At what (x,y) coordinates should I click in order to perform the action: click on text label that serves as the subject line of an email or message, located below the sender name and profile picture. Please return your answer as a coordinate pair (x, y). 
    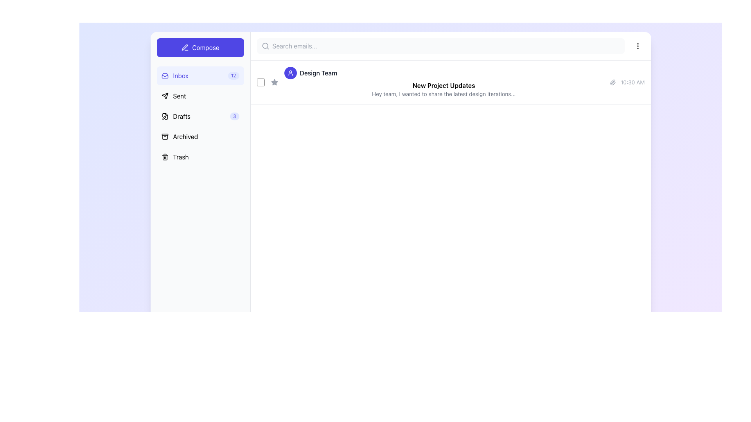
    Looking at the image, I should click on (444, 86).